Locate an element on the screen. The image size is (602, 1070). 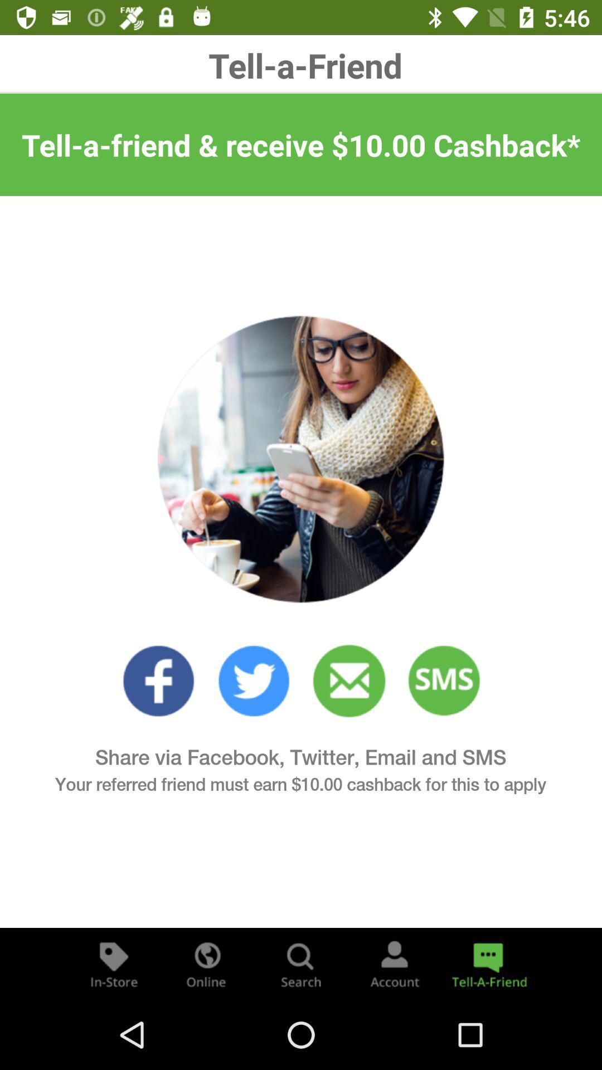
shares referral via facebook is located at coordinates (158, 680).